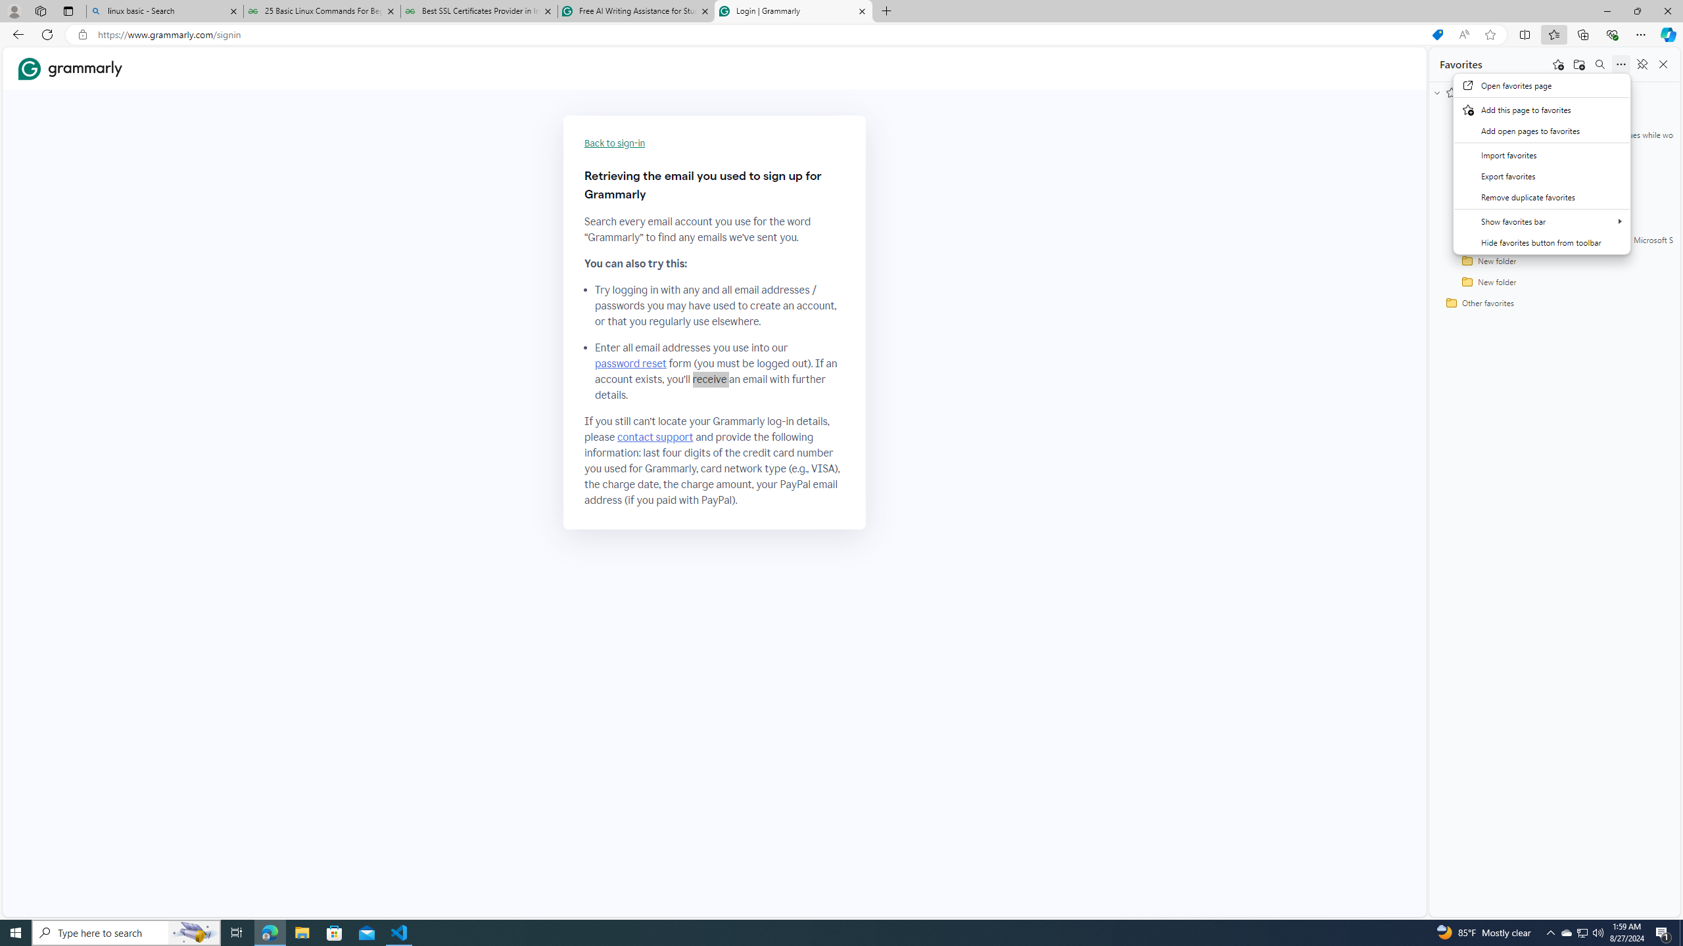 The image size is (1683, 946). What do you see at coordinates (1641, 63) in the screenshot?
I see `'Unpin favorites'` at bounding box center [1641, 63].